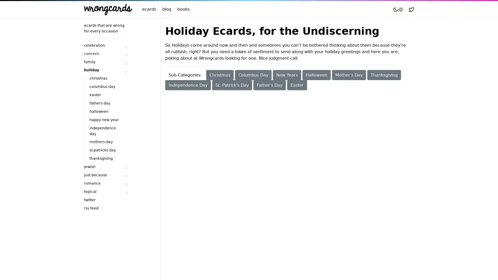  What do you see at coordinates (126, 193) in the screenshot?
I see `Submenu` at bounding box center [126, 193].